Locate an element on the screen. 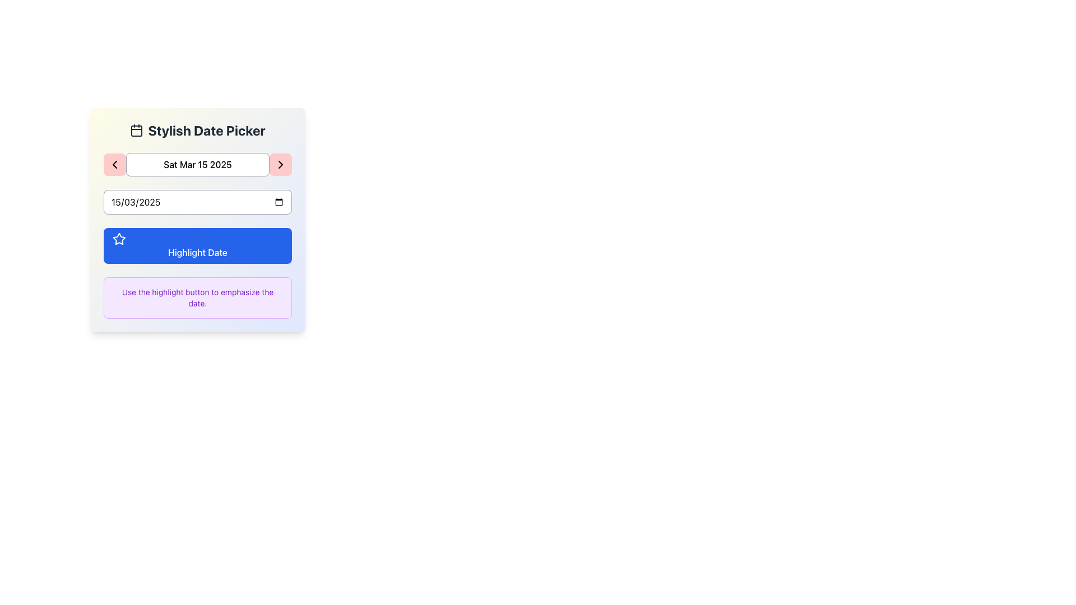 Image resolution: width=1076 pixels, height=605 pixels. the small black right-pointing chevron arrow icon located within the pink button next to the displayed date 'Sat Mar 15 2025' is located at coordinates (280, 164).